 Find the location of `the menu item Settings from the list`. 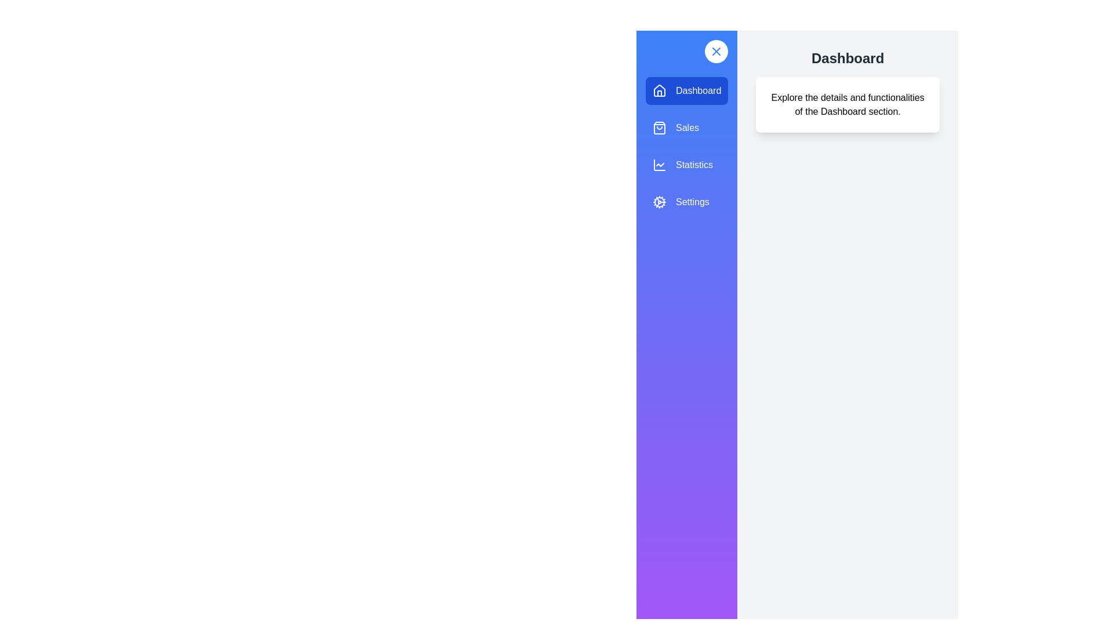

the menu item Settings from the list is located at coordinates (687, 201).